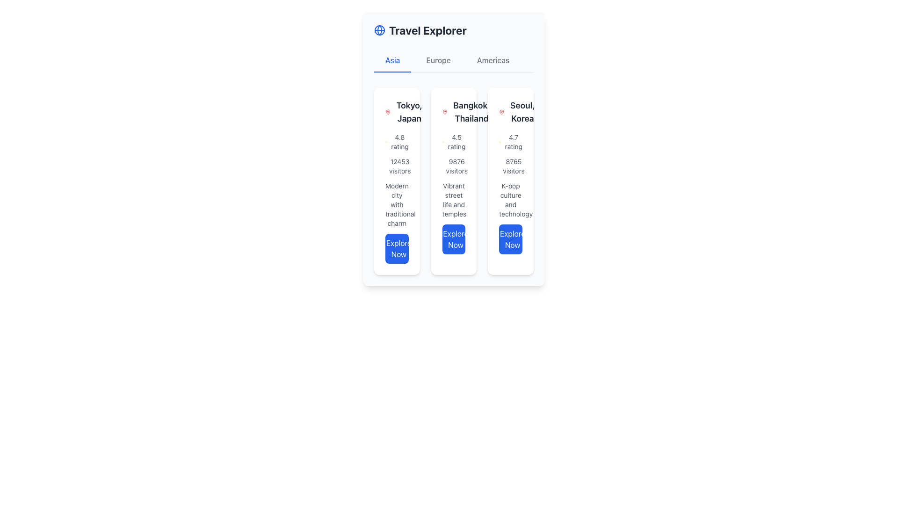 This screenshot has height=505, width=898. I want to click on the informational display about the travel destination Tokyo, Japan, which includes its rating, visitor count, and descriptive tagline, so click(397, 198).